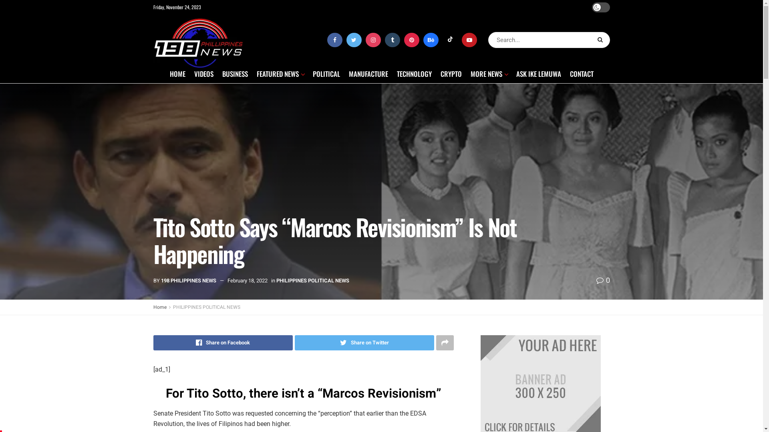 The height and width of the screenshot is (432, 769). I want to click on 'CRYPTO', so click(451, 74).